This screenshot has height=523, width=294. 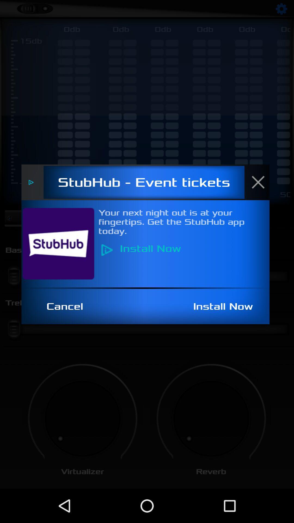 I want to click on button, so click(x=261, y=182).